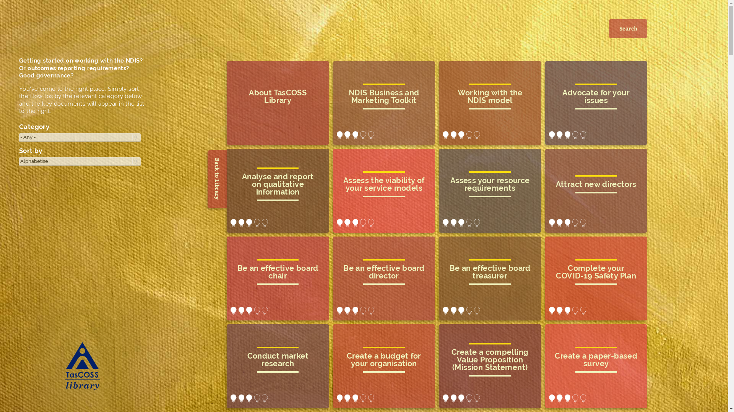  I want to click on 'advocate for your issues', so click(596, 103).